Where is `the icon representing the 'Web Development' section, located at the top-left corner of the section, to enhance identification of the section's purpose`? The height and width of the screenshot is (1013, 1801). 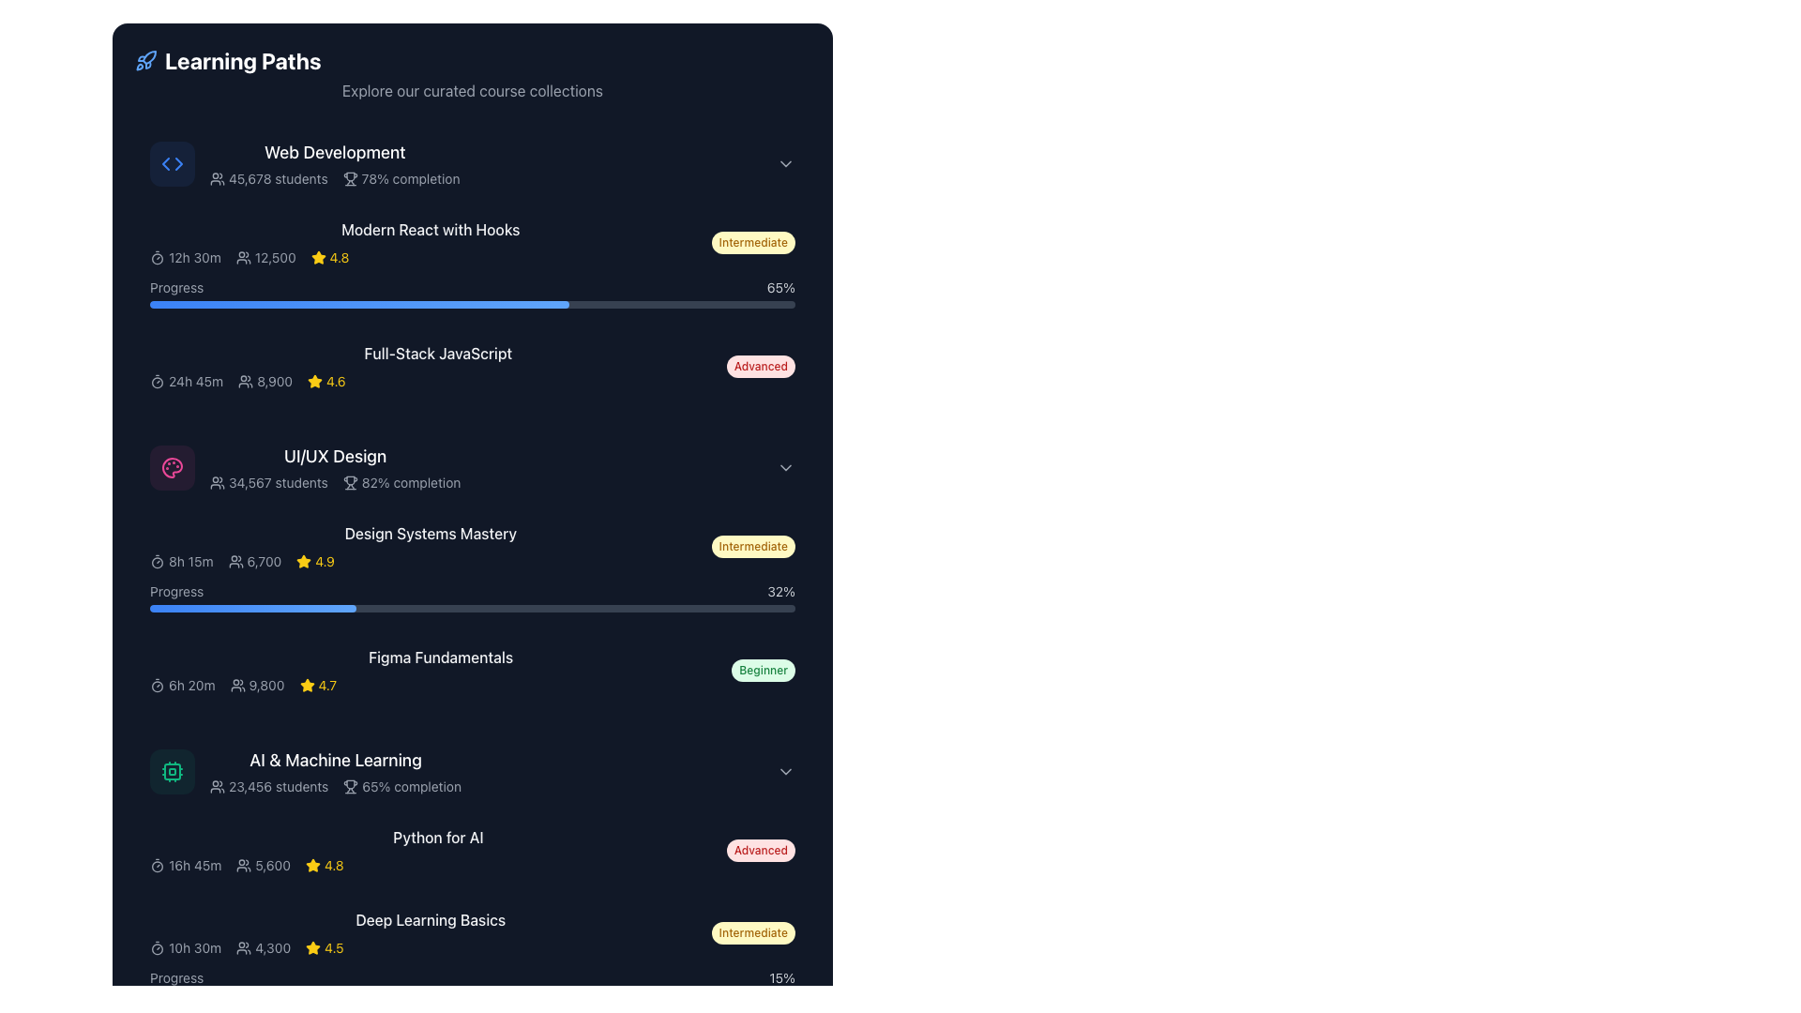 the icon representing the 'Web Development' section, located at the top-left corner of the section, to enhance identification of the section's purpose is located at coordinates (172, 162).